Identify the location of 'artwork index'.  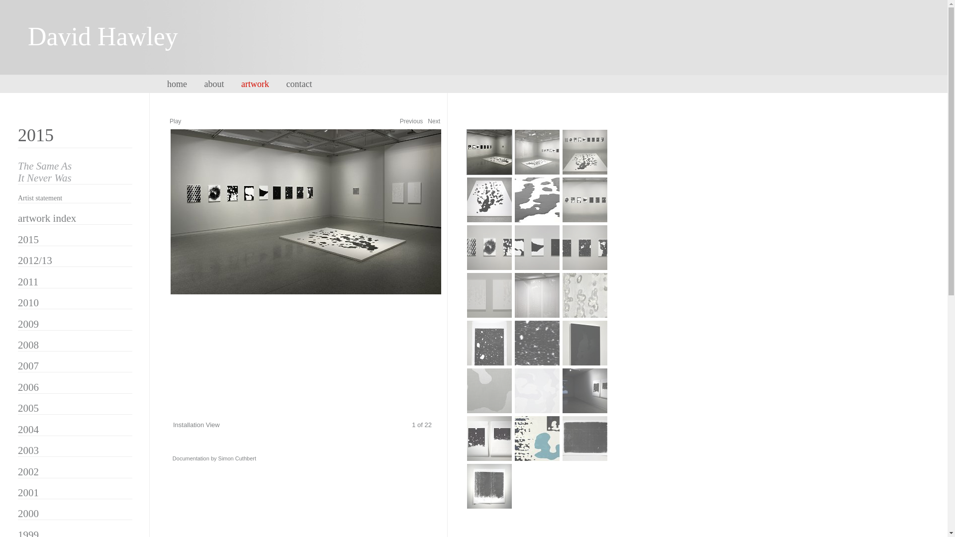
(46, 218).